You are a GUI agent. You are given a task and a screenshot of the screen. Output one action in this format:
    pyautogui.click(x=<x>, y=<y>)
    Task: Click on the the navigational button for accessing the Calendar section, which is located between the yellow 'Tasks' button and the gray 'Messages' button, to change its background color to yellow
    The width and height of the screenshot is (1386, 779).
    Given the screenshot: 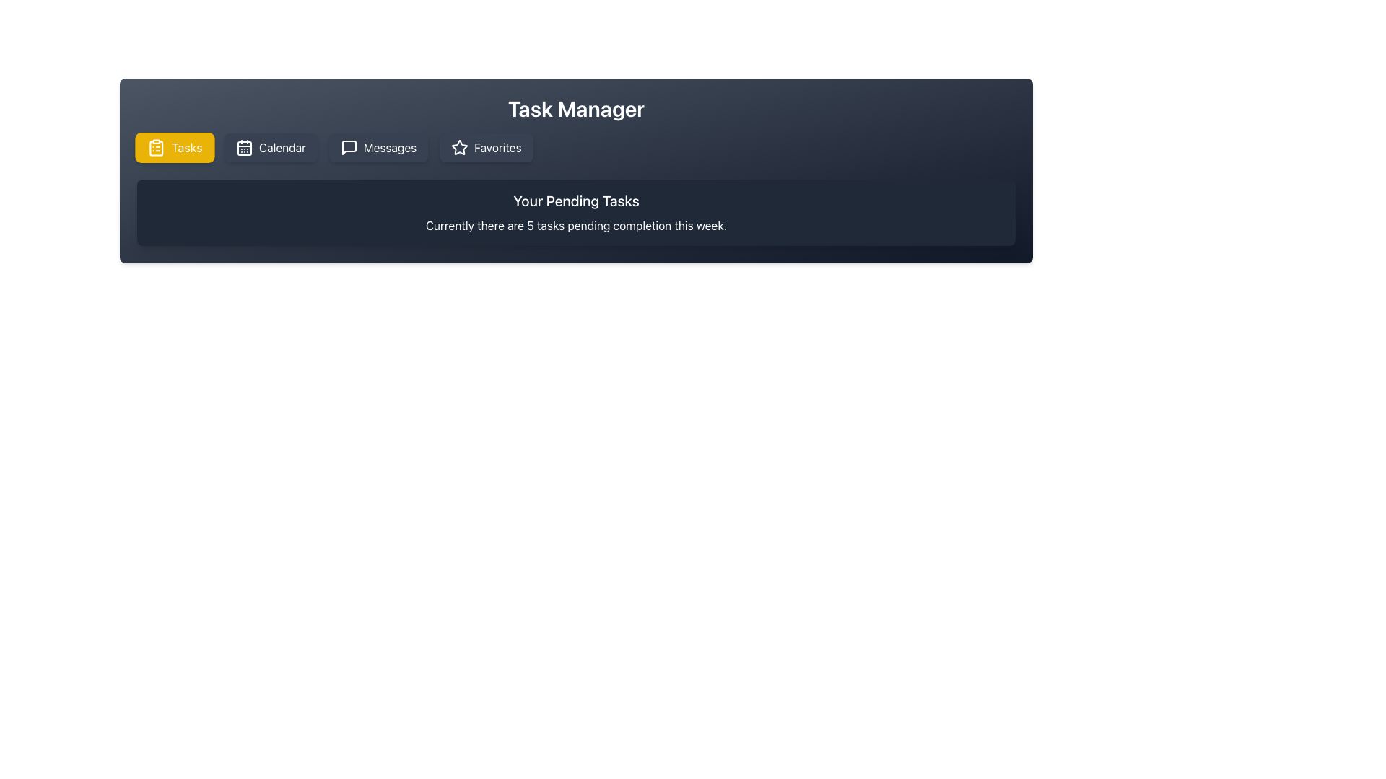 What is the action you would take?
    pyautogui.click(x=271, y=147)
    